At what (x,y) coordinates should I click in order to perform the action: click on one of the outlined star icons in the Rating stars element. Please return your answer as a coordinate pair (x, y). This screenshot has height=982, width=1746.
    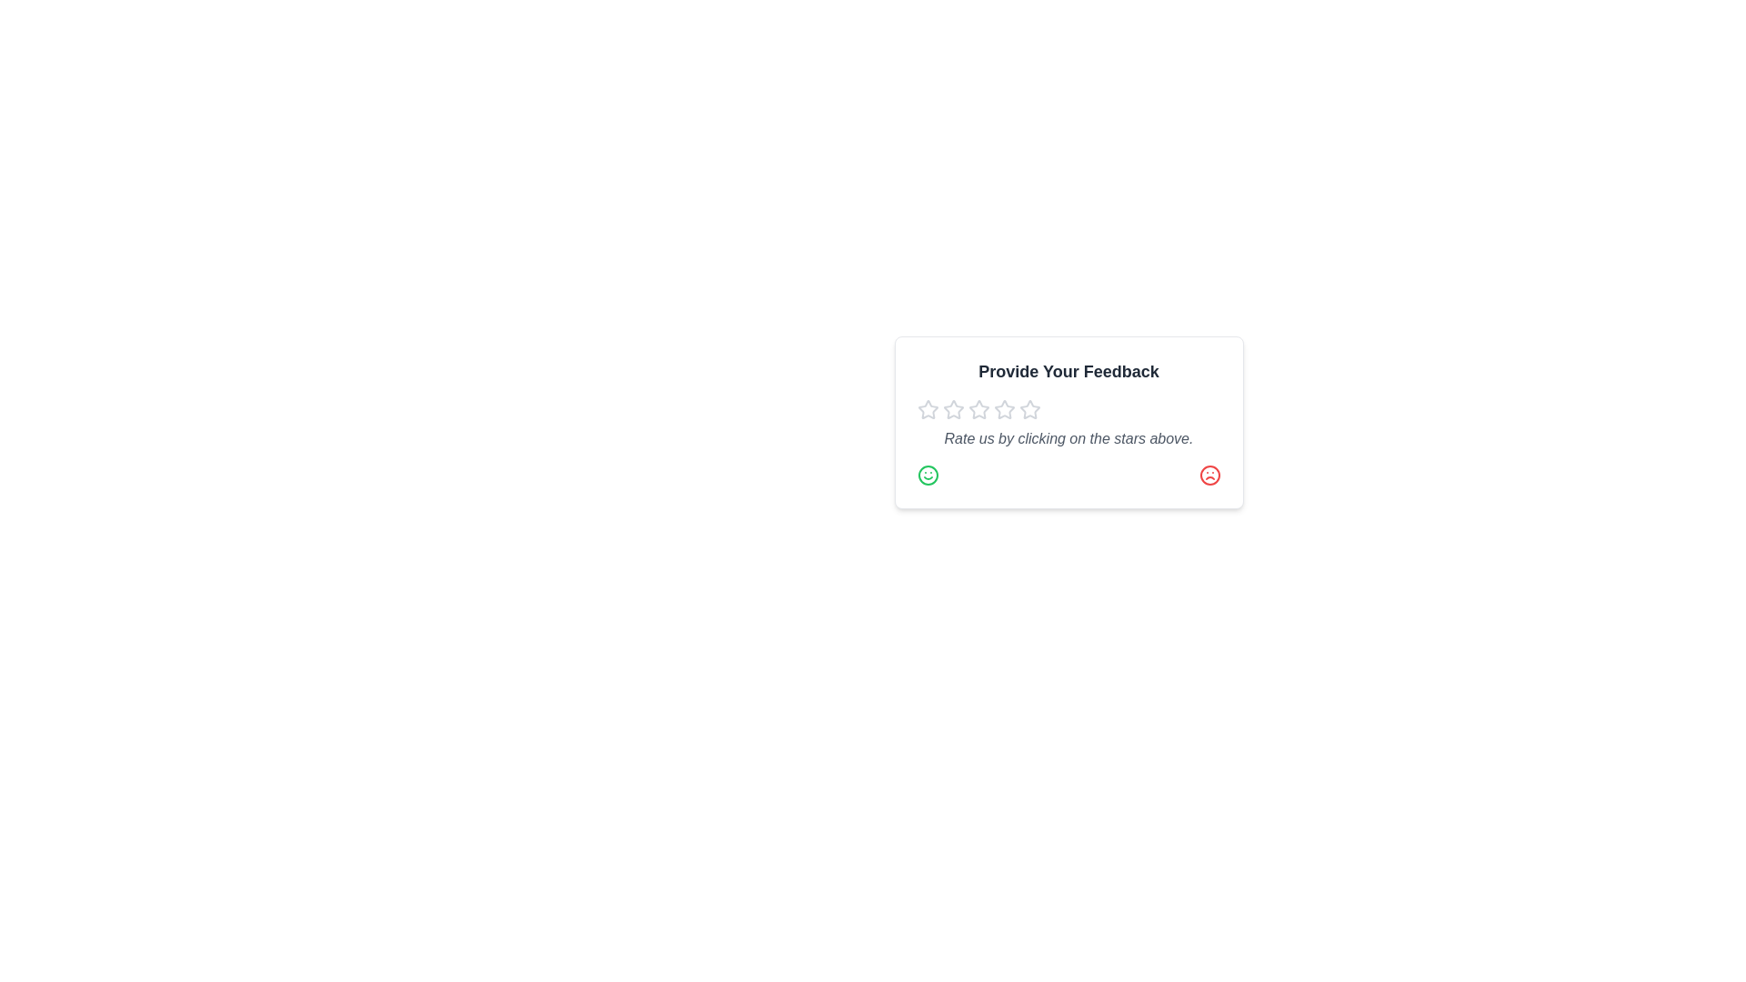
    Looking at the image, I should click on (1069, 410).